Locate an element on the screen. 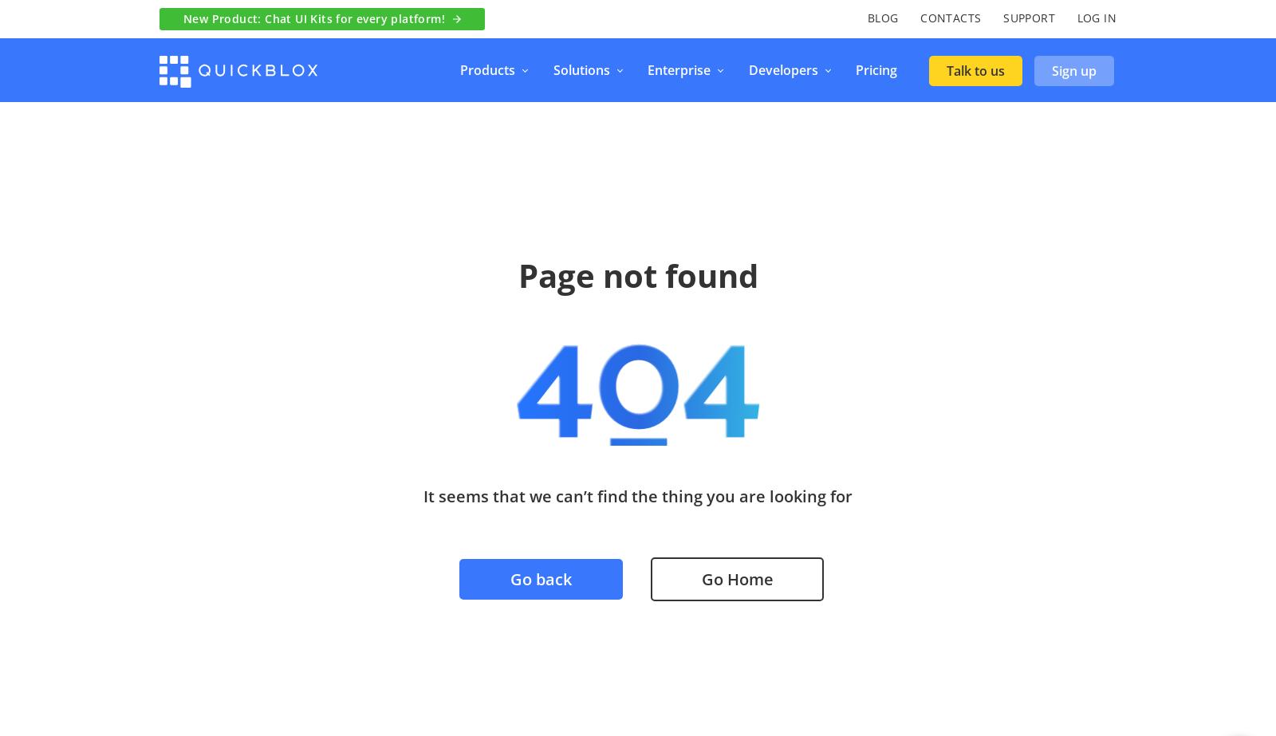  'Go back' is located at coordinates (541, 577).